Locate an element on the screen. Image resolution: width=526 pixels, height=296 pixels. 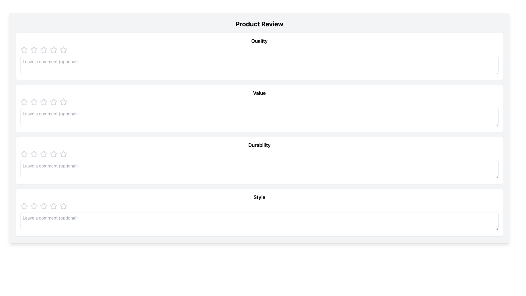
sixth star icon in the 'Style' rating section of the product review interface for interactive styling is located at coordinates (63, 206).